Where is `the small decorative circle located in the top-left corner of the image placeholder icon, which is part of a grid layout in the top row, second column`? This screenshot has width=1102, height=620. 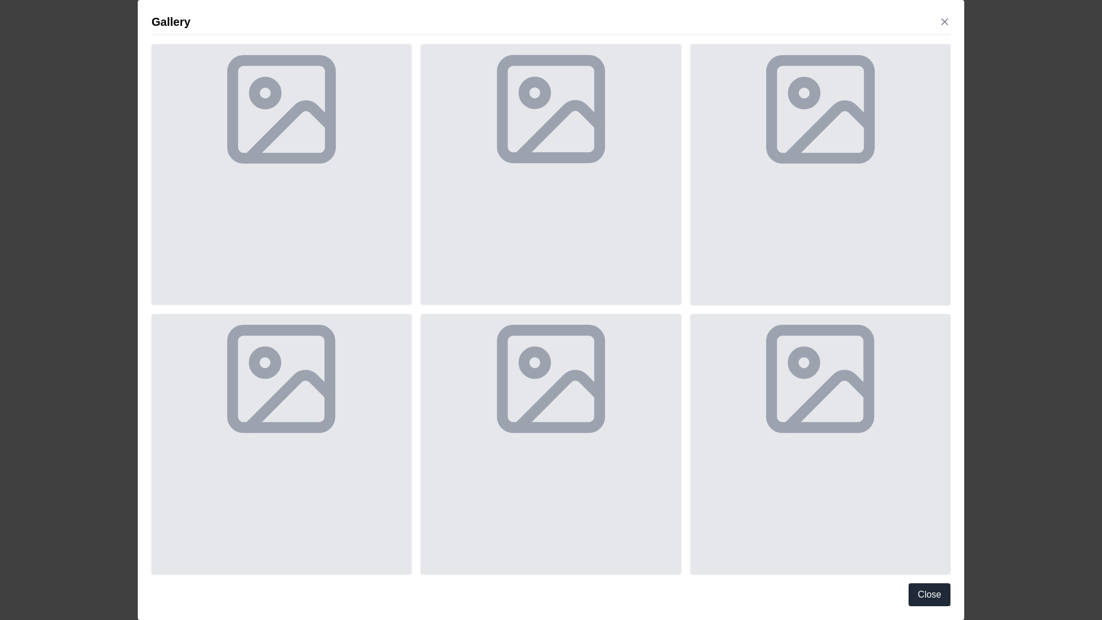
the small decorative circle located in the top-left corner of the image placeholder icon, which is part of a grid layout in the top row, second column is located at coordinates (534, 92).